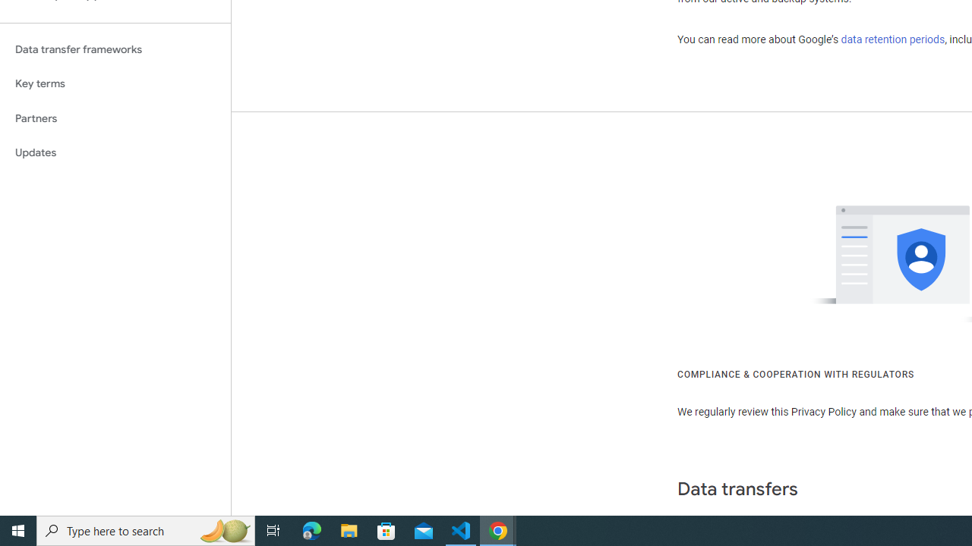 This screenshot has width=972, height=546. I want to click on 'data retention periods', so click(893, 39).